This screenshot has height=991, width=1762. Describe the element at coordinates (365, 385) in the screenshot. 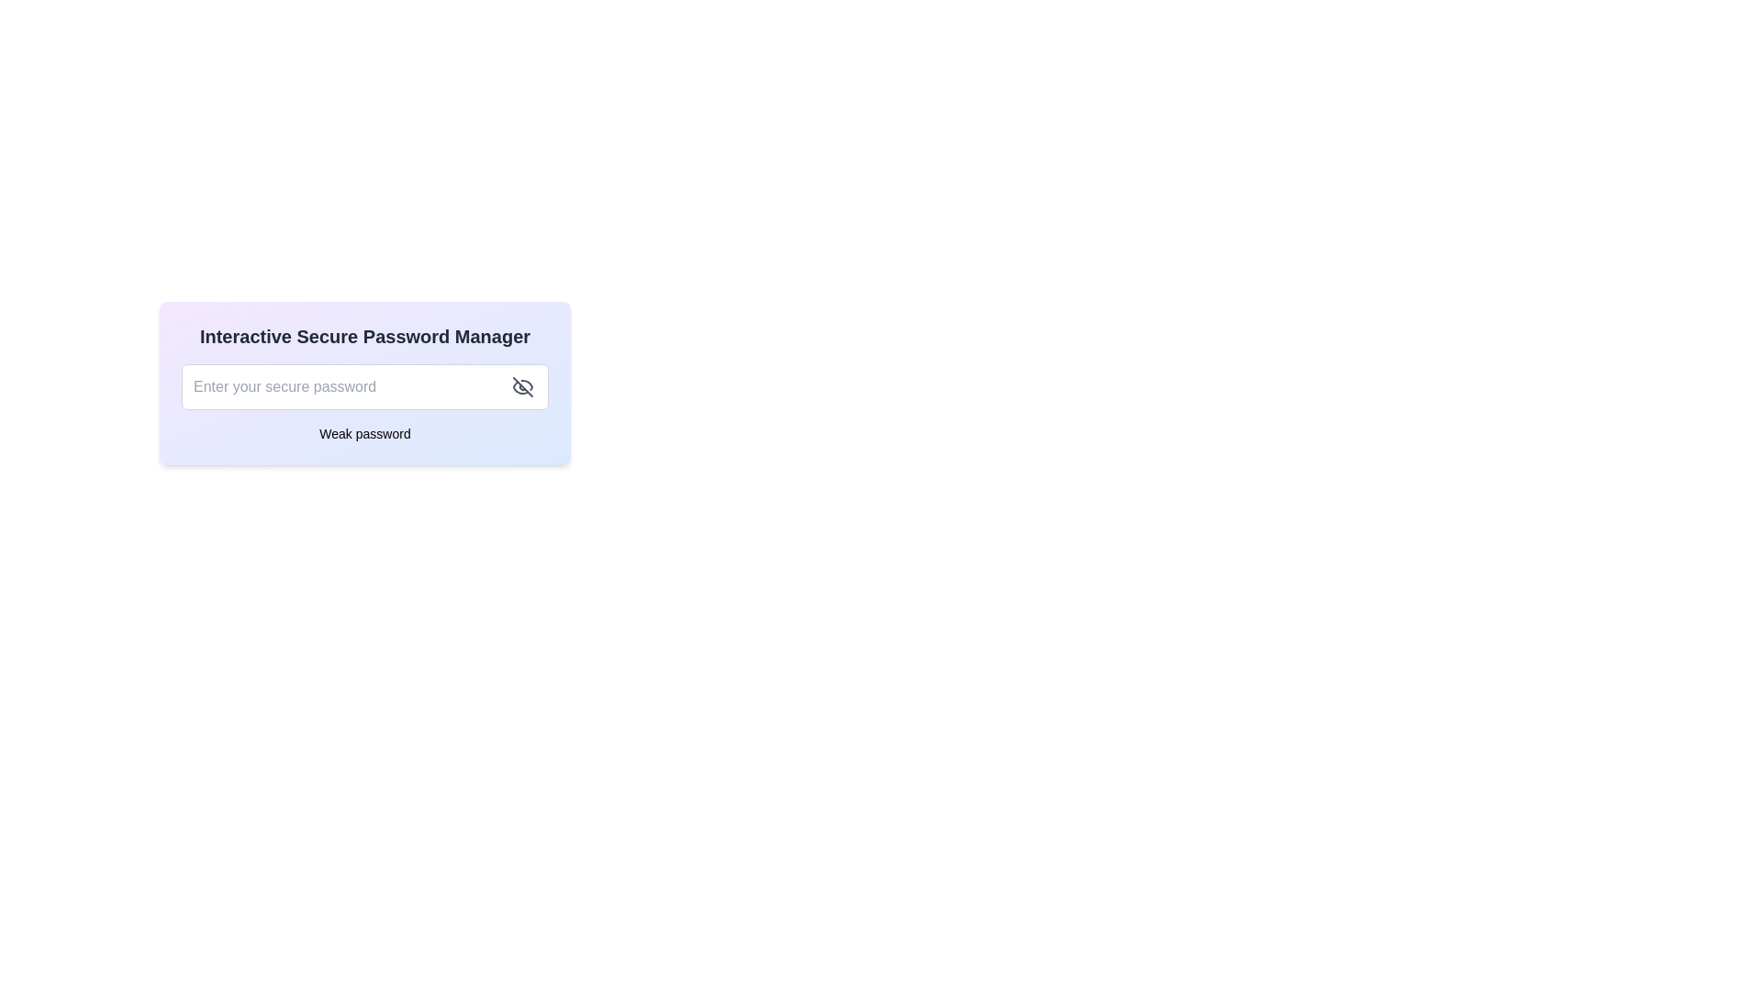

I see `the password input field located within the 'Interactive Secure Password Manager' card to focus on it` at that location.